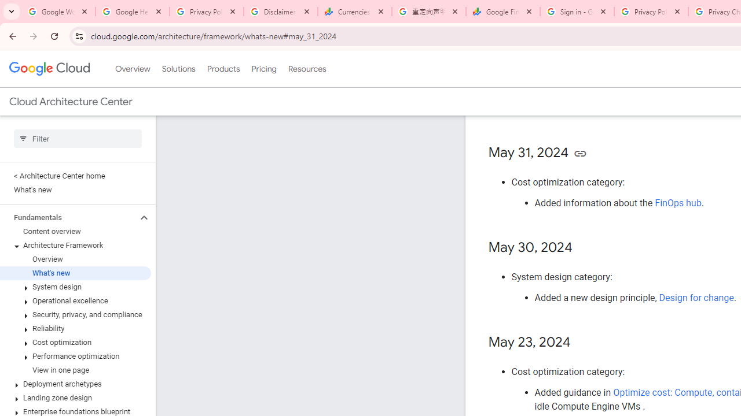 This screenshot has width=741, height=416. What do you see at coordinates (75, 384) in the screenshot?
I see `'Deployment archetypes'` at bounding box center [75, 384].